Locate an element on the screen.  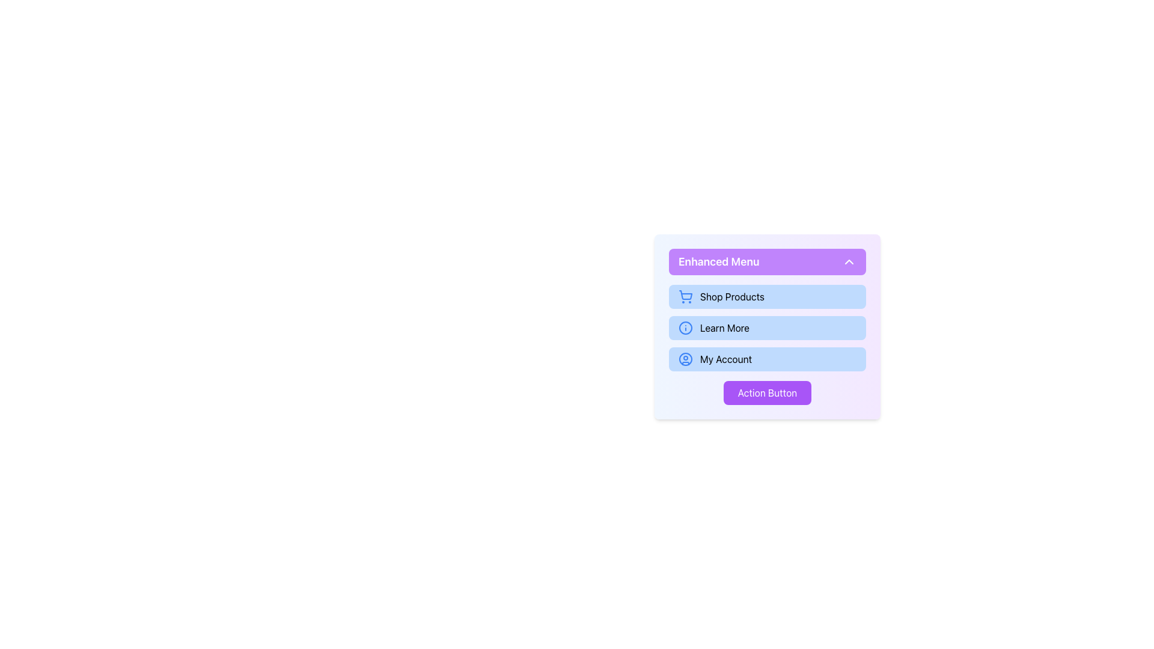
the 'Learn More' button, which is the second button in the vertical list under the 'Enhanced Menu' section is located at coordinates (766, 328).